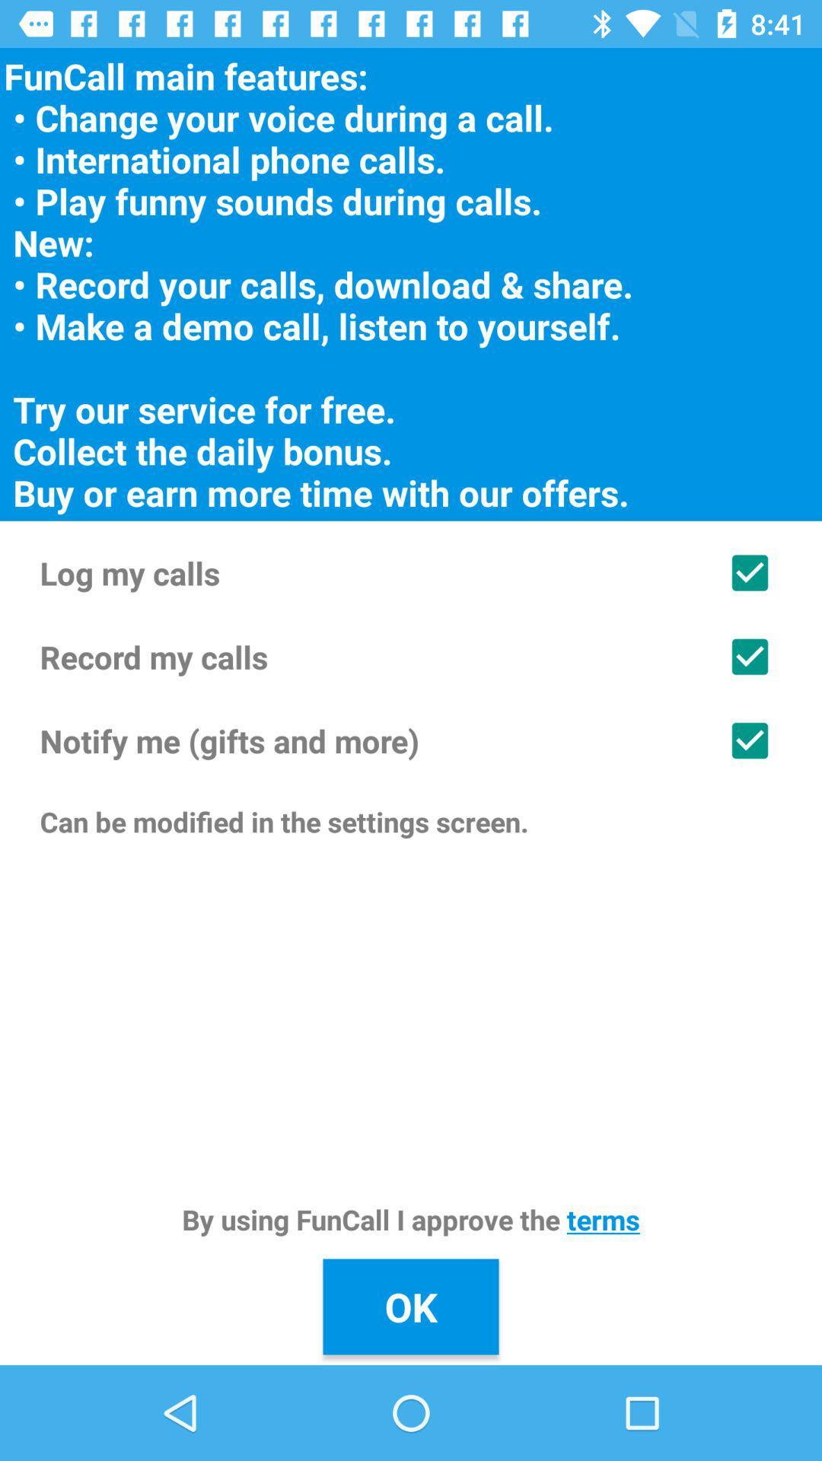 This screenshot has height=1461, width=822. I want to click on ok icon, so click(411, 1306).